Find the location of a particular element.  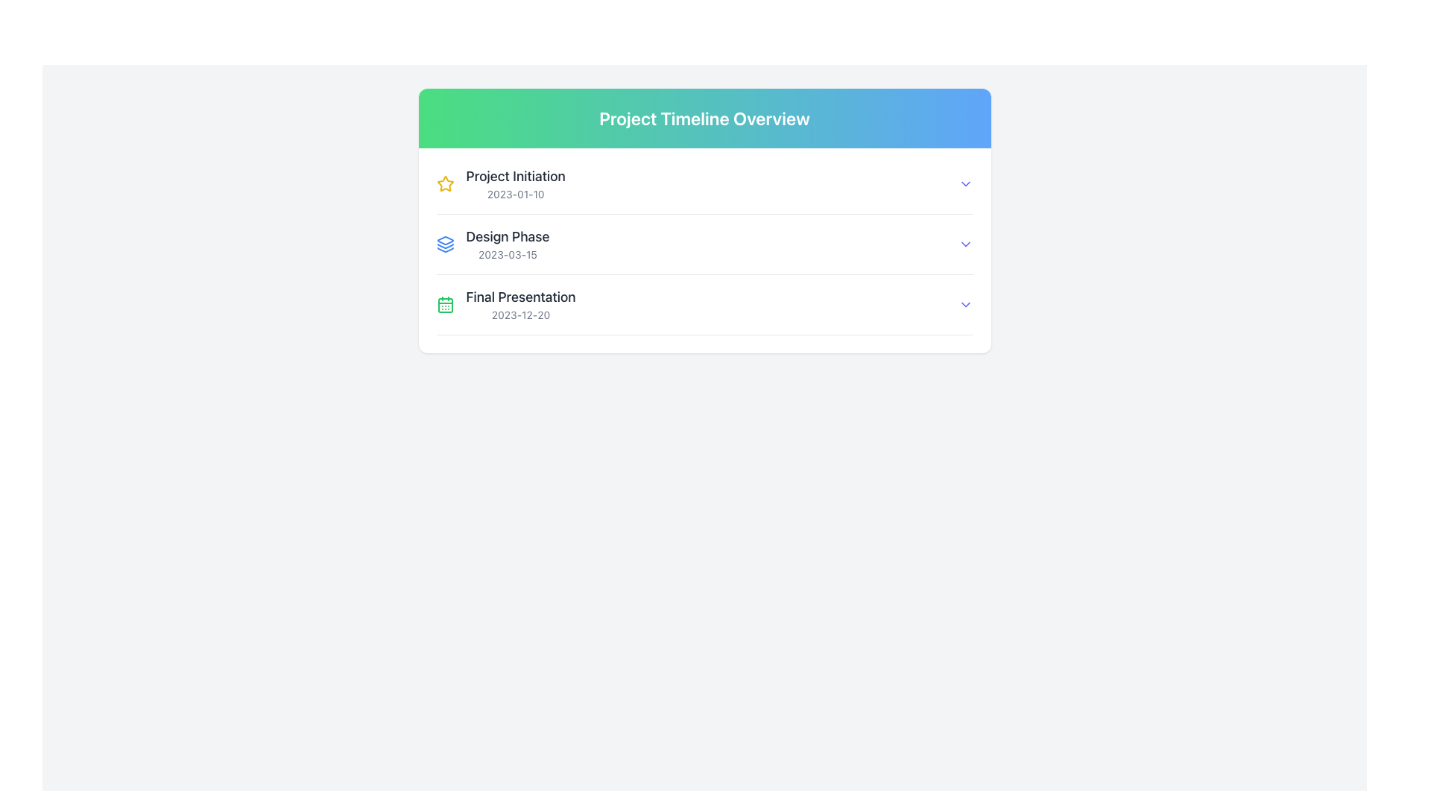

the icon located in the first row of the list structure, adjacent to the text 'Project Initiation', to check its rating or status is located at coordinates (444, 183).